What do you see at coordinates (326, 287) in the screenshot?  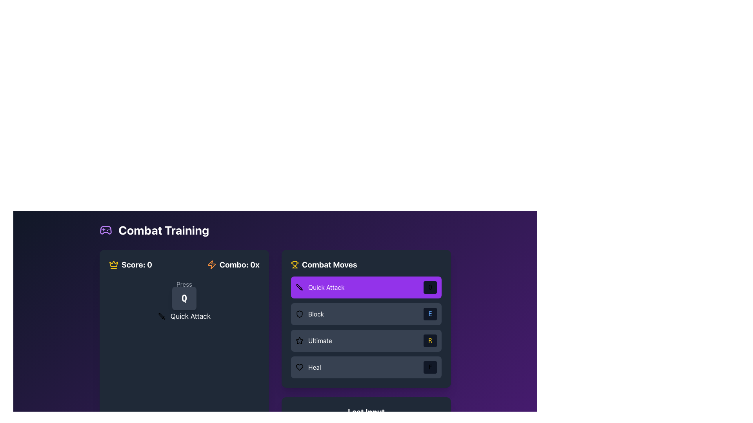 I see `the 'Quick Attack' label in the 'Combat Moves' list, which is located next to a sword icon and a button labeled 'Q'` at bounding box center [326, 287].